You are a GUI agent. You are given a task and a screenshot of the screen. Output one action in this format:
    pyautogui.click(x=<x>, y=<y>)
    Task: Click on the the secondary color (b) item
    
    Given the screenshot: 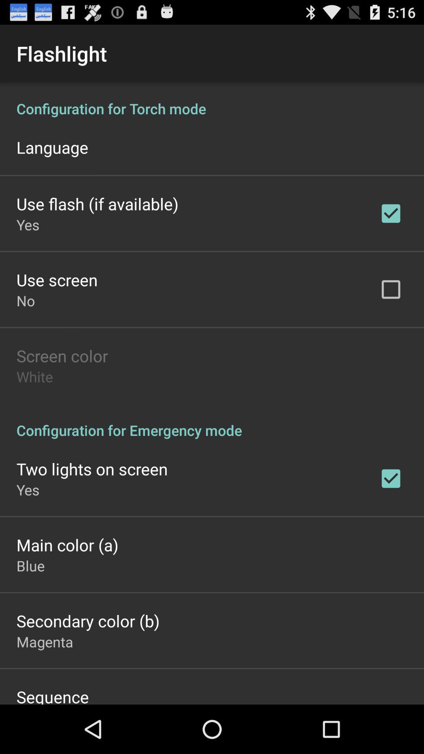 What is the action you would take?
    pyautogui.click(x=88, y=620)
    